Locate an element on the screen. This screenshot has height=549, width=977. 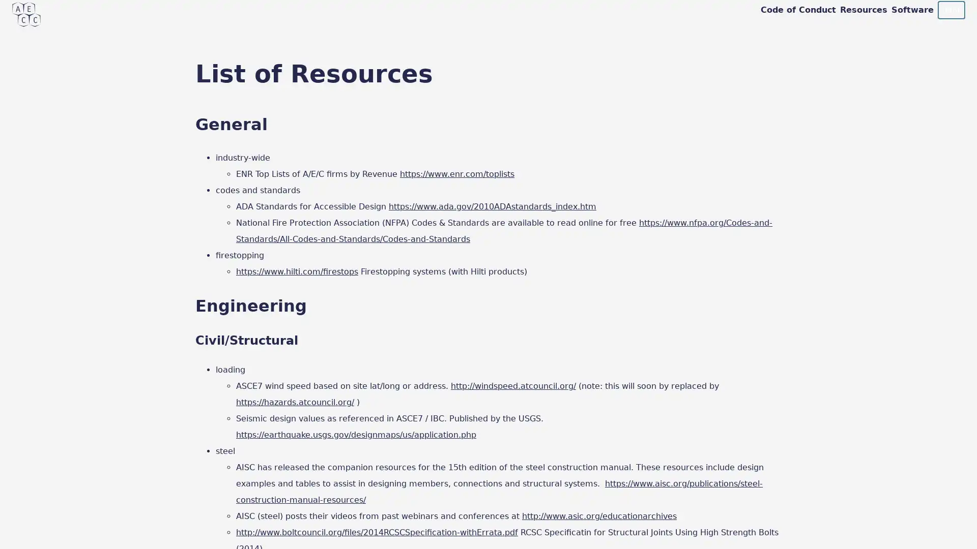
color mode is located at coordinates (950, 10).